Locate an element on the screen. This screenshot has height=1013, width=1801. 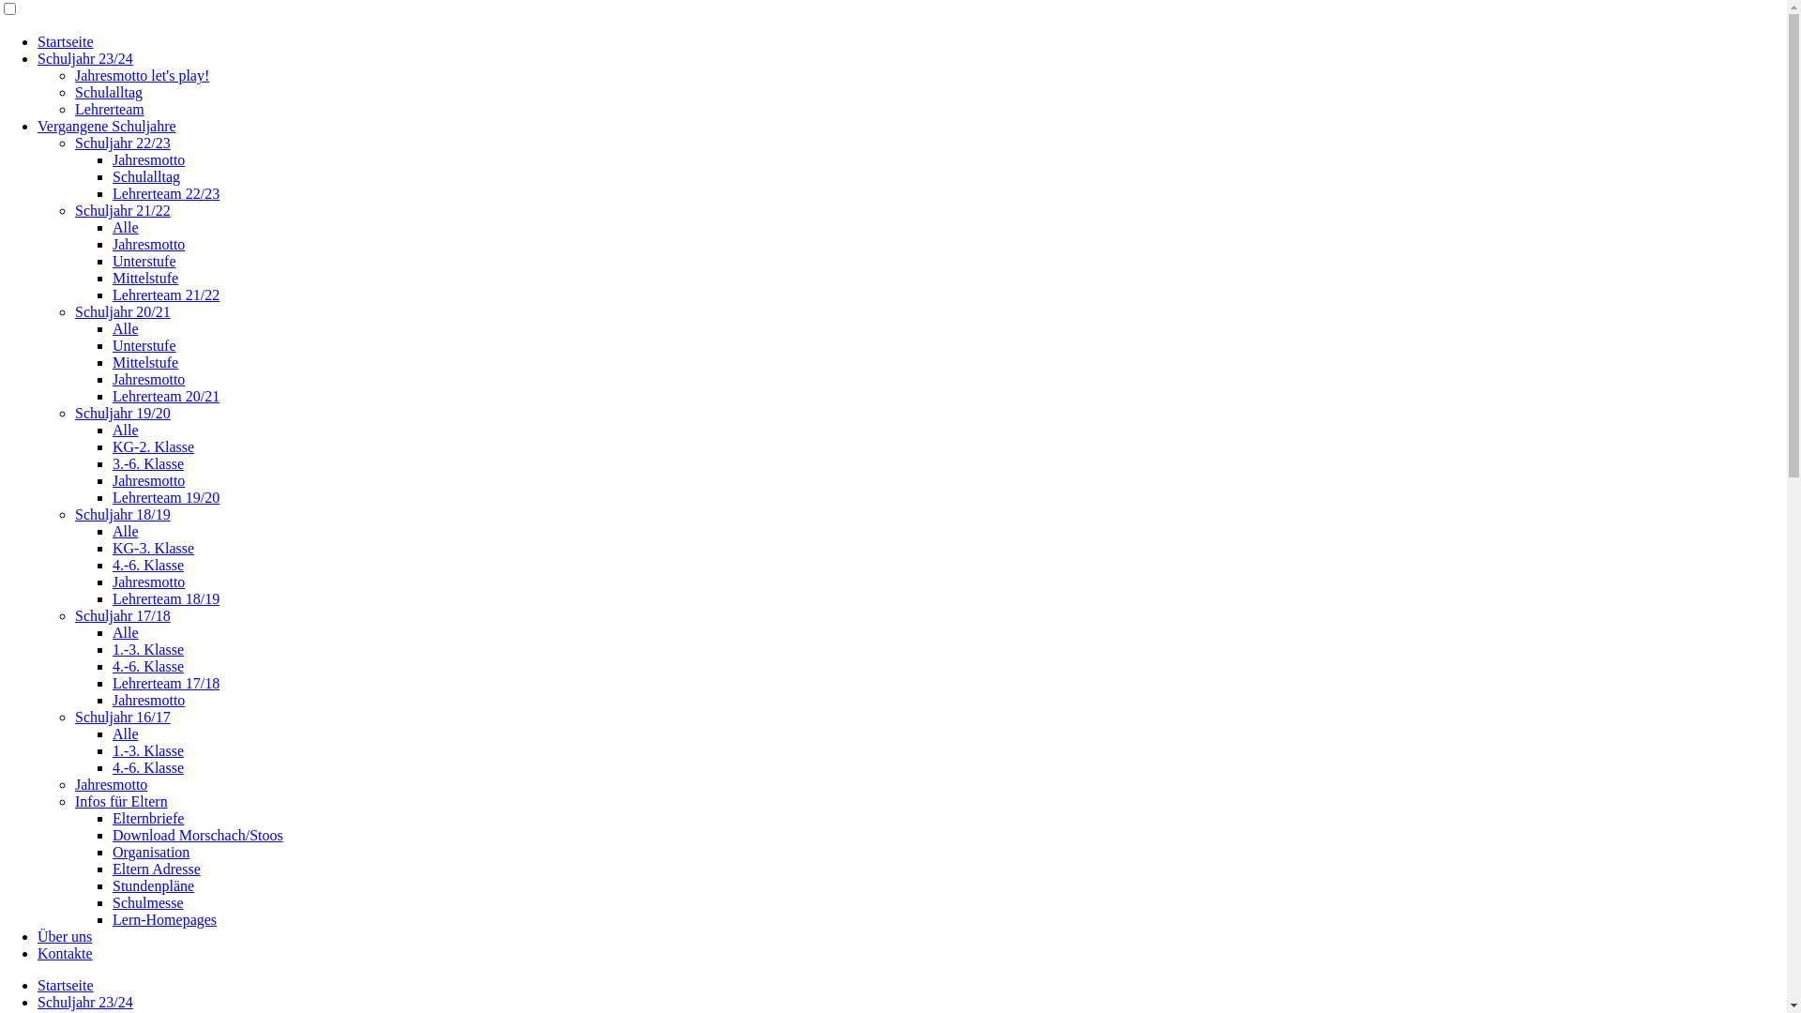
'Vergangene Schuljahre' is located at coordinates (106, 126).